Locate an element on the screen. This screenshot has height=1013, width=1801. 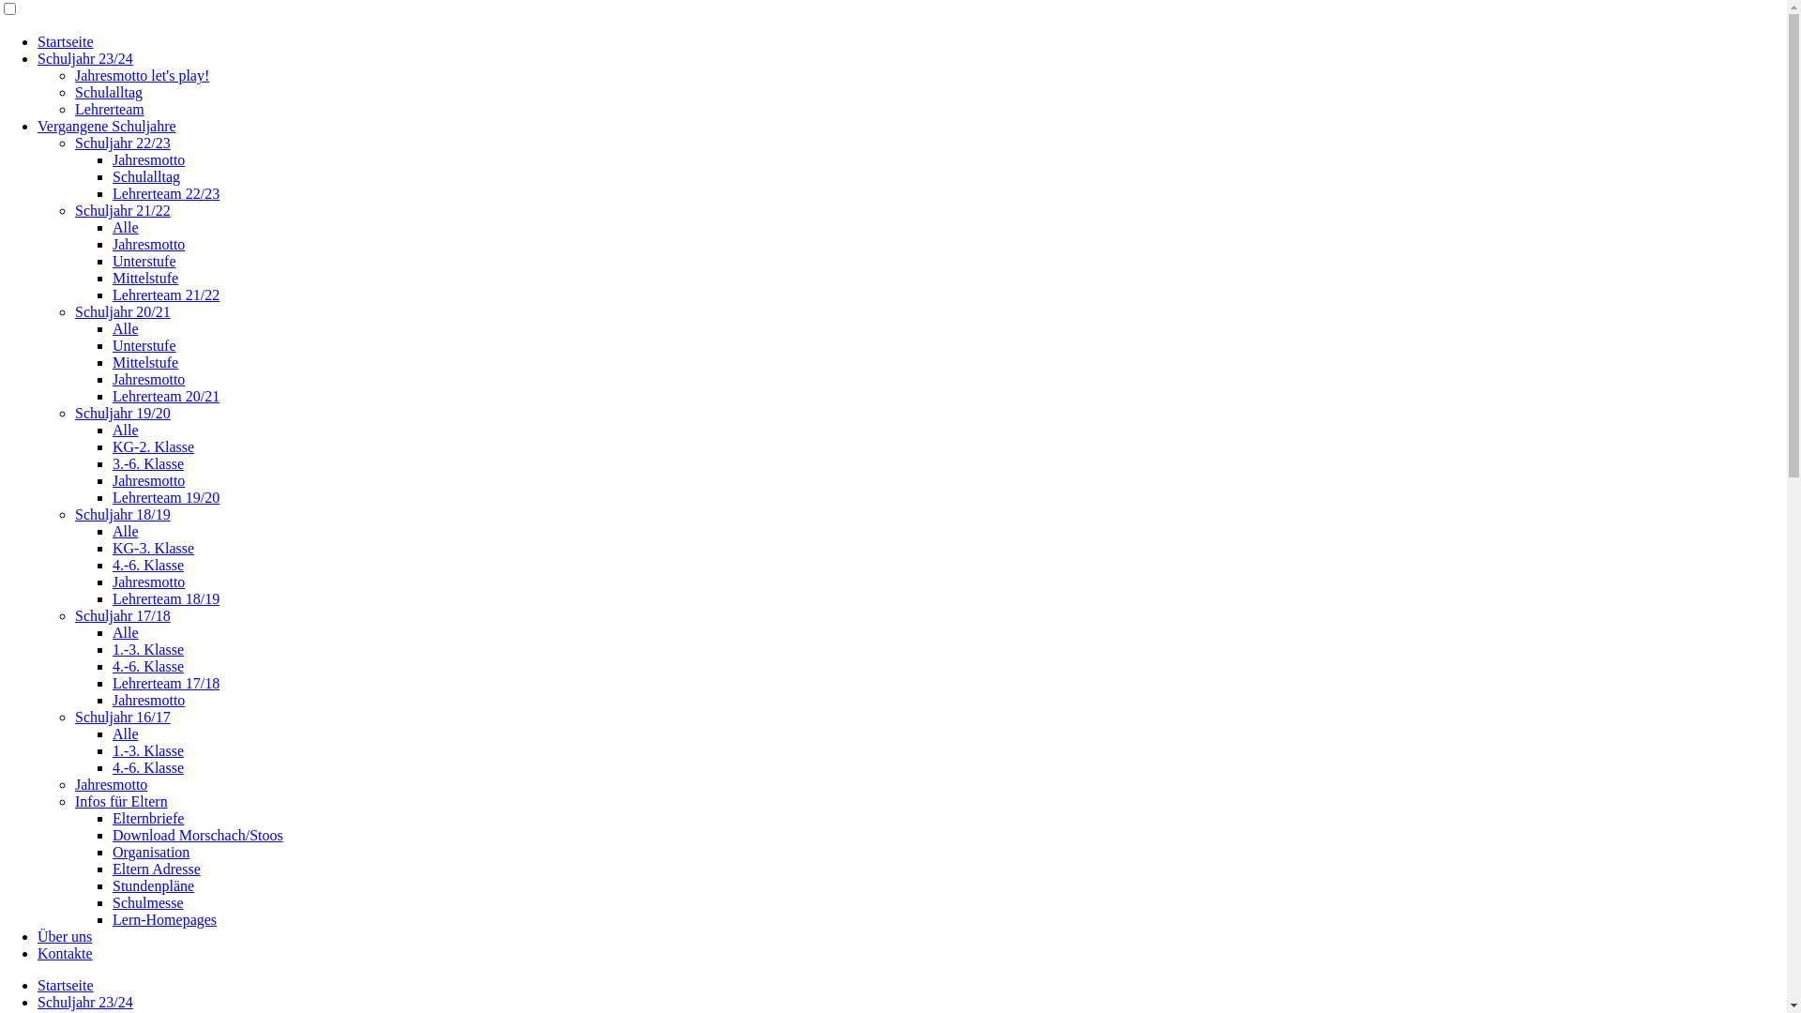
'Vergangene Schuljahre' is located at coordinates (106, 126).